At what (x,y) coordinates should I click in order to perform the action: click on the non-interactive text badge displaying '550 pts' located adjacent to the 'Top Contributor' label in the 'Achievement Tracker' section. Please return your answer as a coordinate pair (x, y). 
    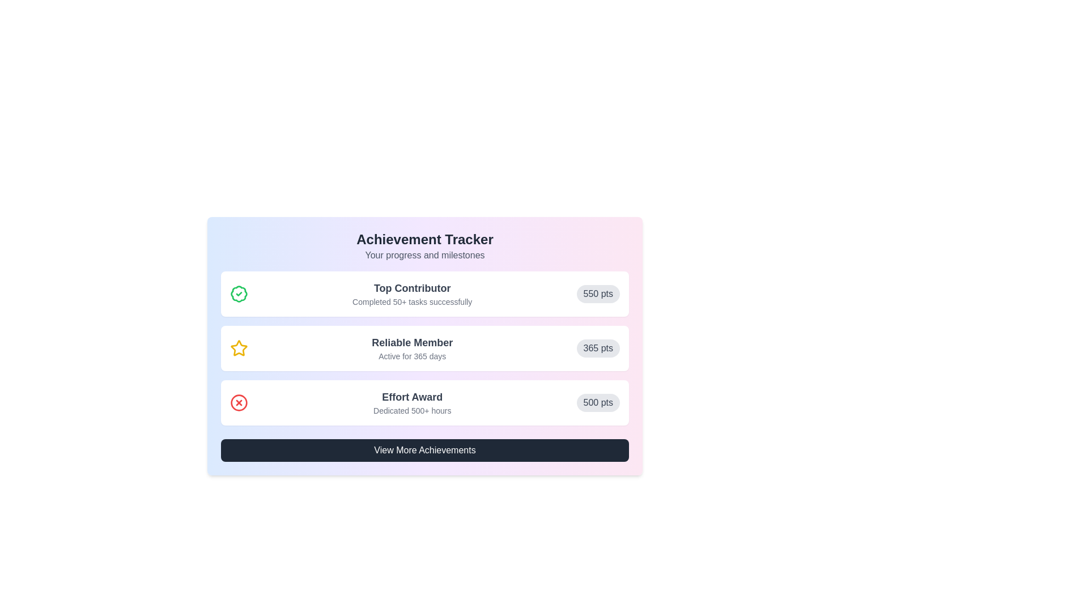
    Looking at the image, I should click on (597, 294).